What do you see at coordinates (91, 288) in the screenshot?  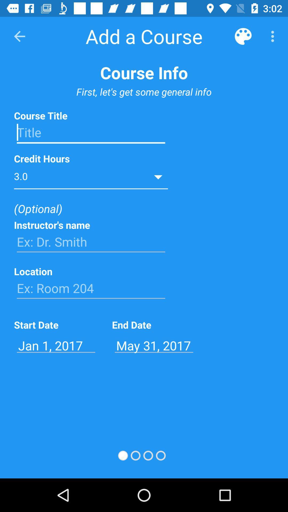 I see `location` at bounding box center [91, 288].